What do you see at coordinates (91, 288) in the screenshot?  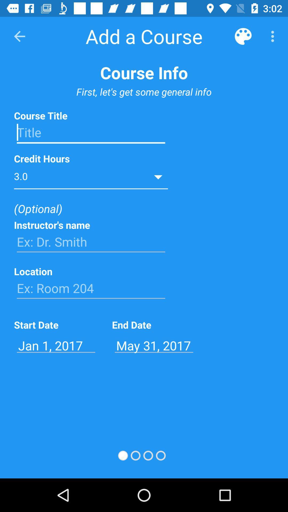 I see `location` at bounding box center [91, 288].